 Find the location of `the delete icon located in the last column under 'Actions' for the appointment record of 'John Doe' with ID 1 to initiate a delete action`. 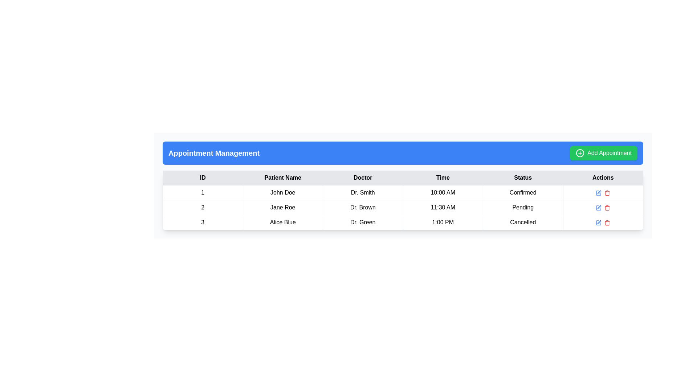

the delete icon located in the last column under 'Actions' for the appointment record of 'John Doe' with ID 1 to initiate a delete action is located at coordinates (607, 192).